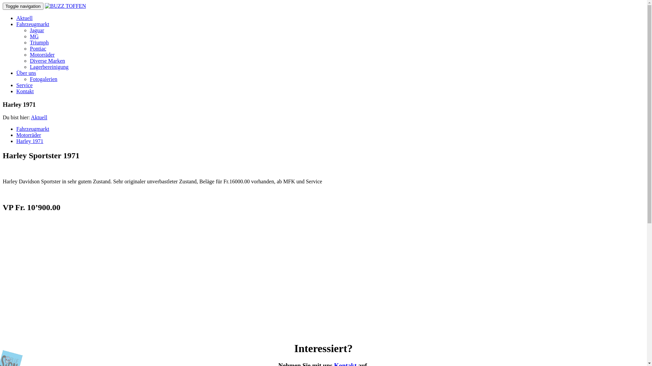 The width and height of the screenshot is (652, 366). Describe the element at coordinates (16, 85) in the screenshot. I see `'Service'` at that location.